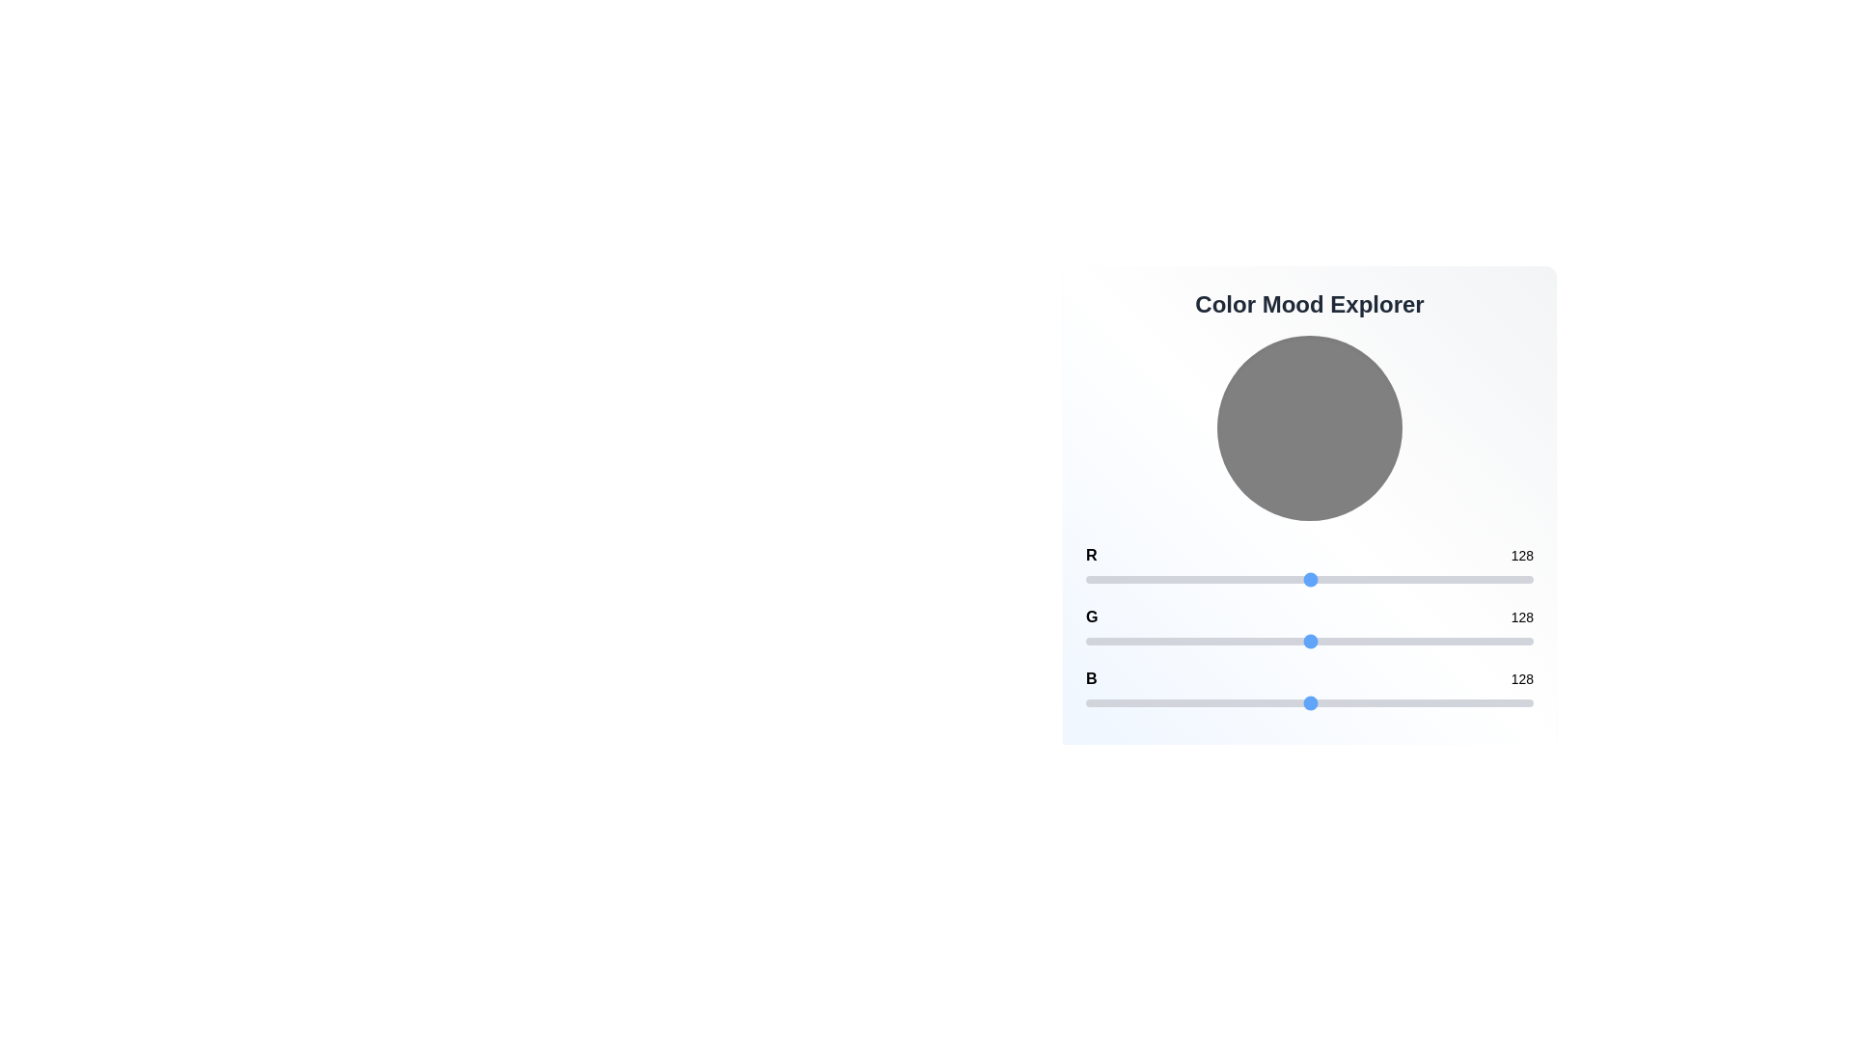 This screenshot has width=1852, height=1042. What do you see at coordinates (1467, 641) in the screenshot?
I see `the green color channel slider to 218` at bounding box center [1467, 641].